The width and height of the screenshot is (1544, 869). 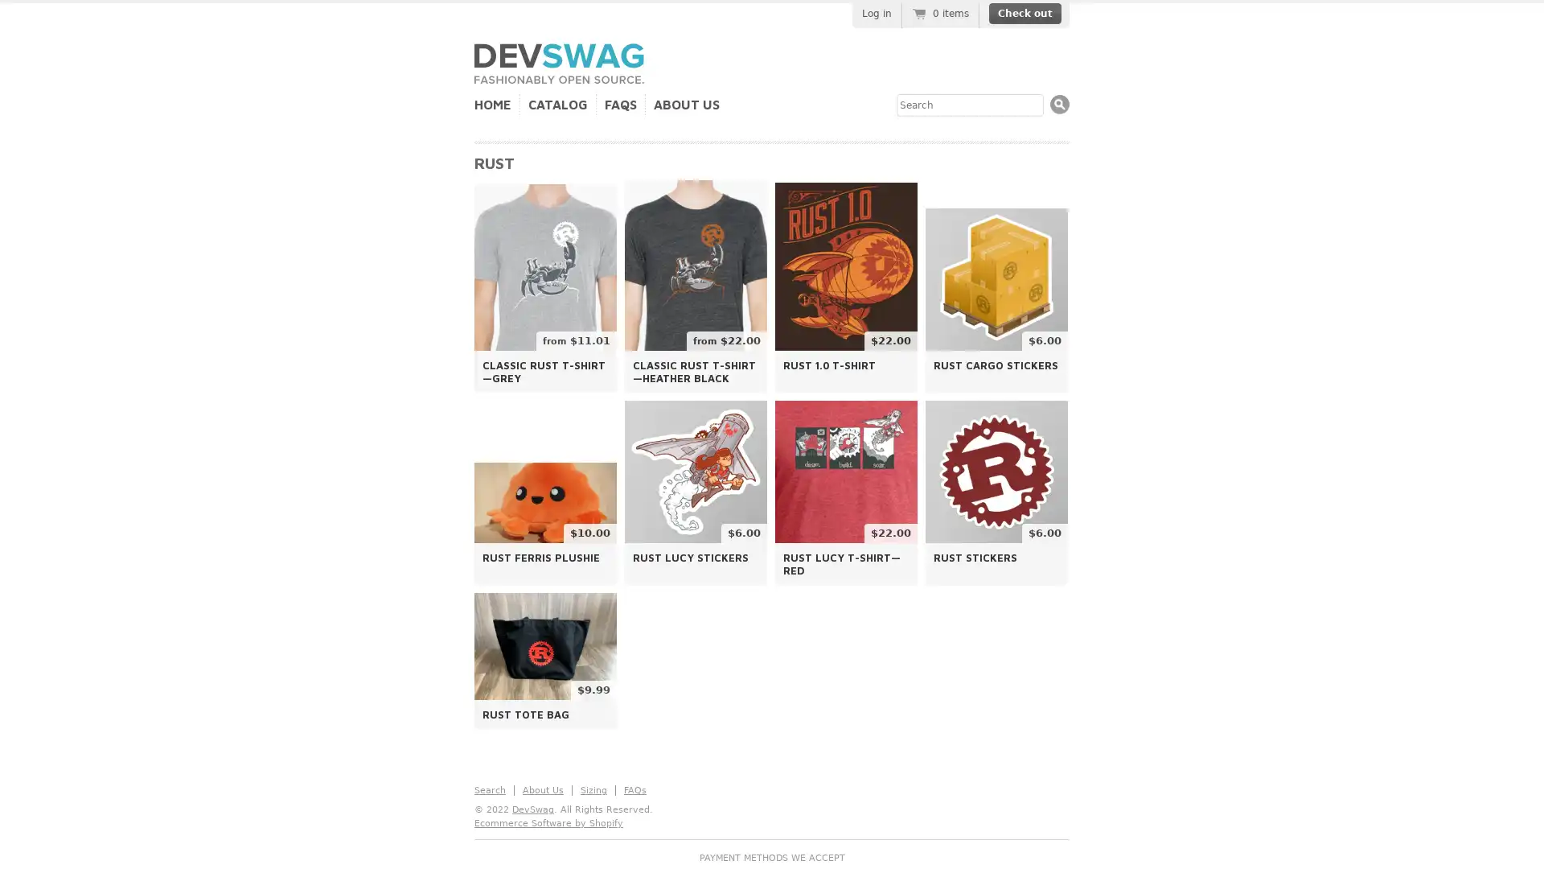 I want to click on Search, so click(x=1060, y=104).